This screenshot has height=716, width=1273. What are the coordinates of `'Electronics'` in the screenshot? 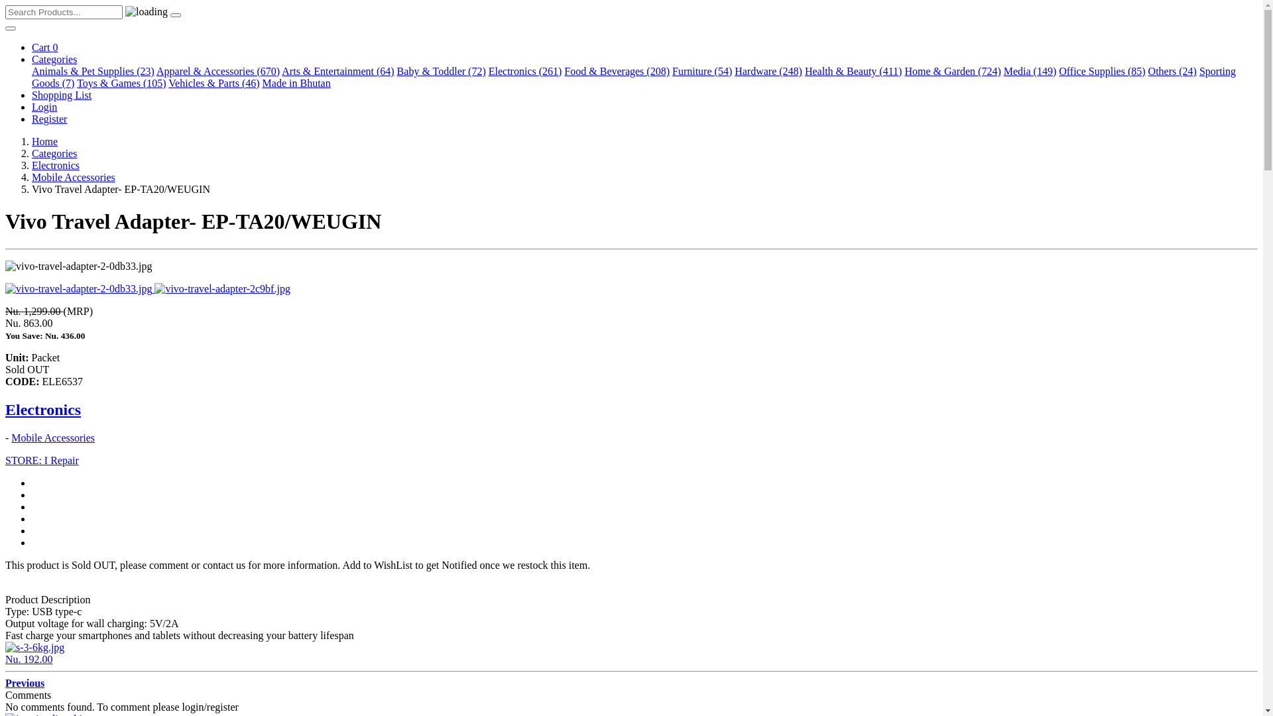 It's located at (5, 408).